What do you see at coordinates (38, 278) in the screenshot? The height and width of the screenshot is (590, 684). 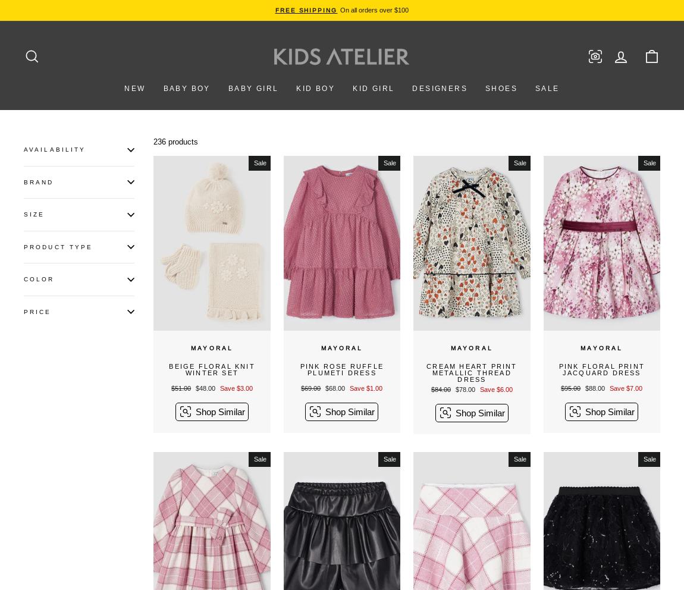 I see `'Color'` at bounding box center [38, 278].